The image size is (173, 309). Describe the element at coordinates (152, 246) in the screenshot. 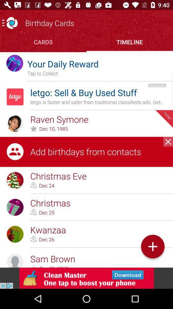

I see `symbol` at that location.